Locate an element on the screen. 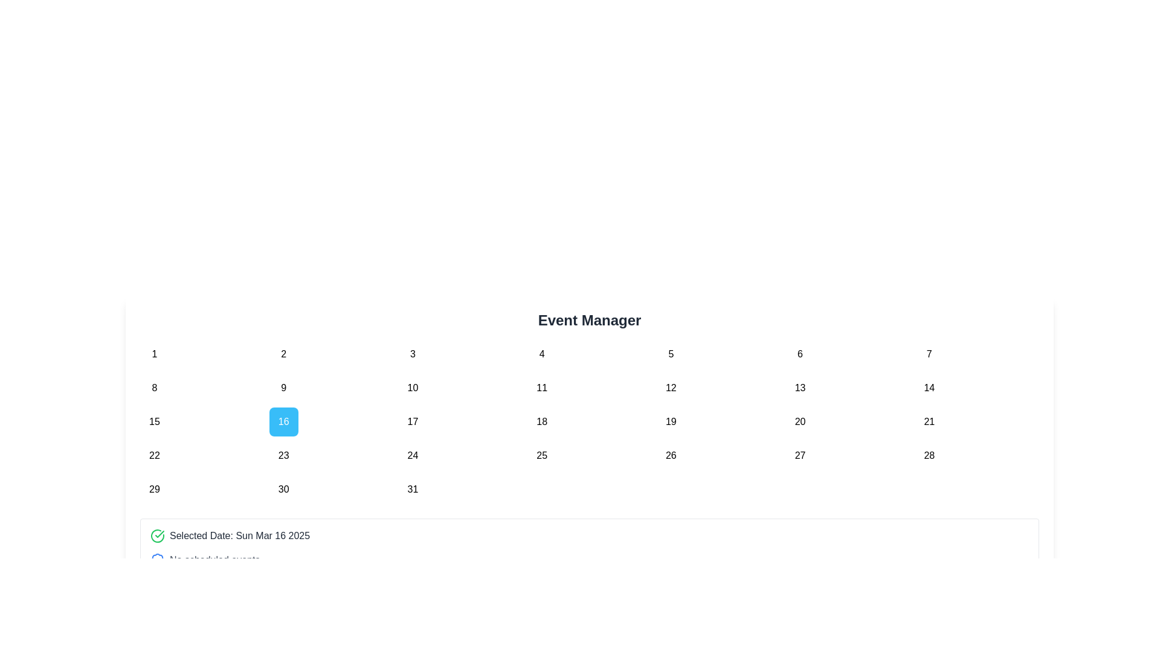 The width and height of the screenshot is (1160, 652). the rounded square button displaying the number '25' to observe its hover effect in the calendar-like grid interface is located at coordinates (541, 456).